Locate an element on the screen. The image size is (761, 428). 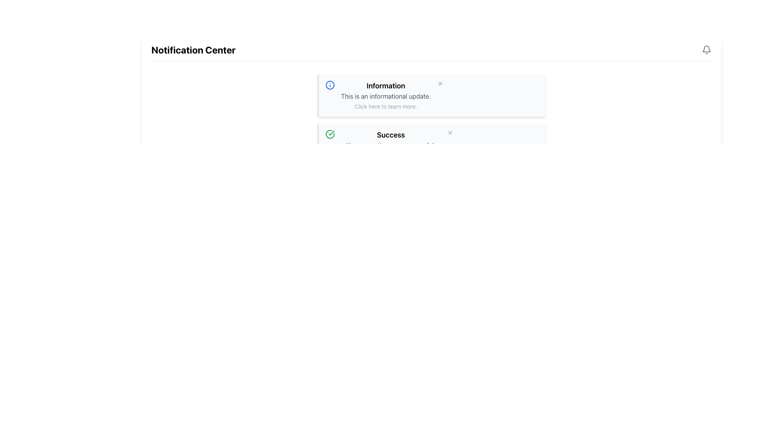
the circular success icon with a checkmark inside, which is located at the top-left corner of the 'Success' notification card, preceding the text 'Your operation was successful.' is located at coordinates (330, 134).